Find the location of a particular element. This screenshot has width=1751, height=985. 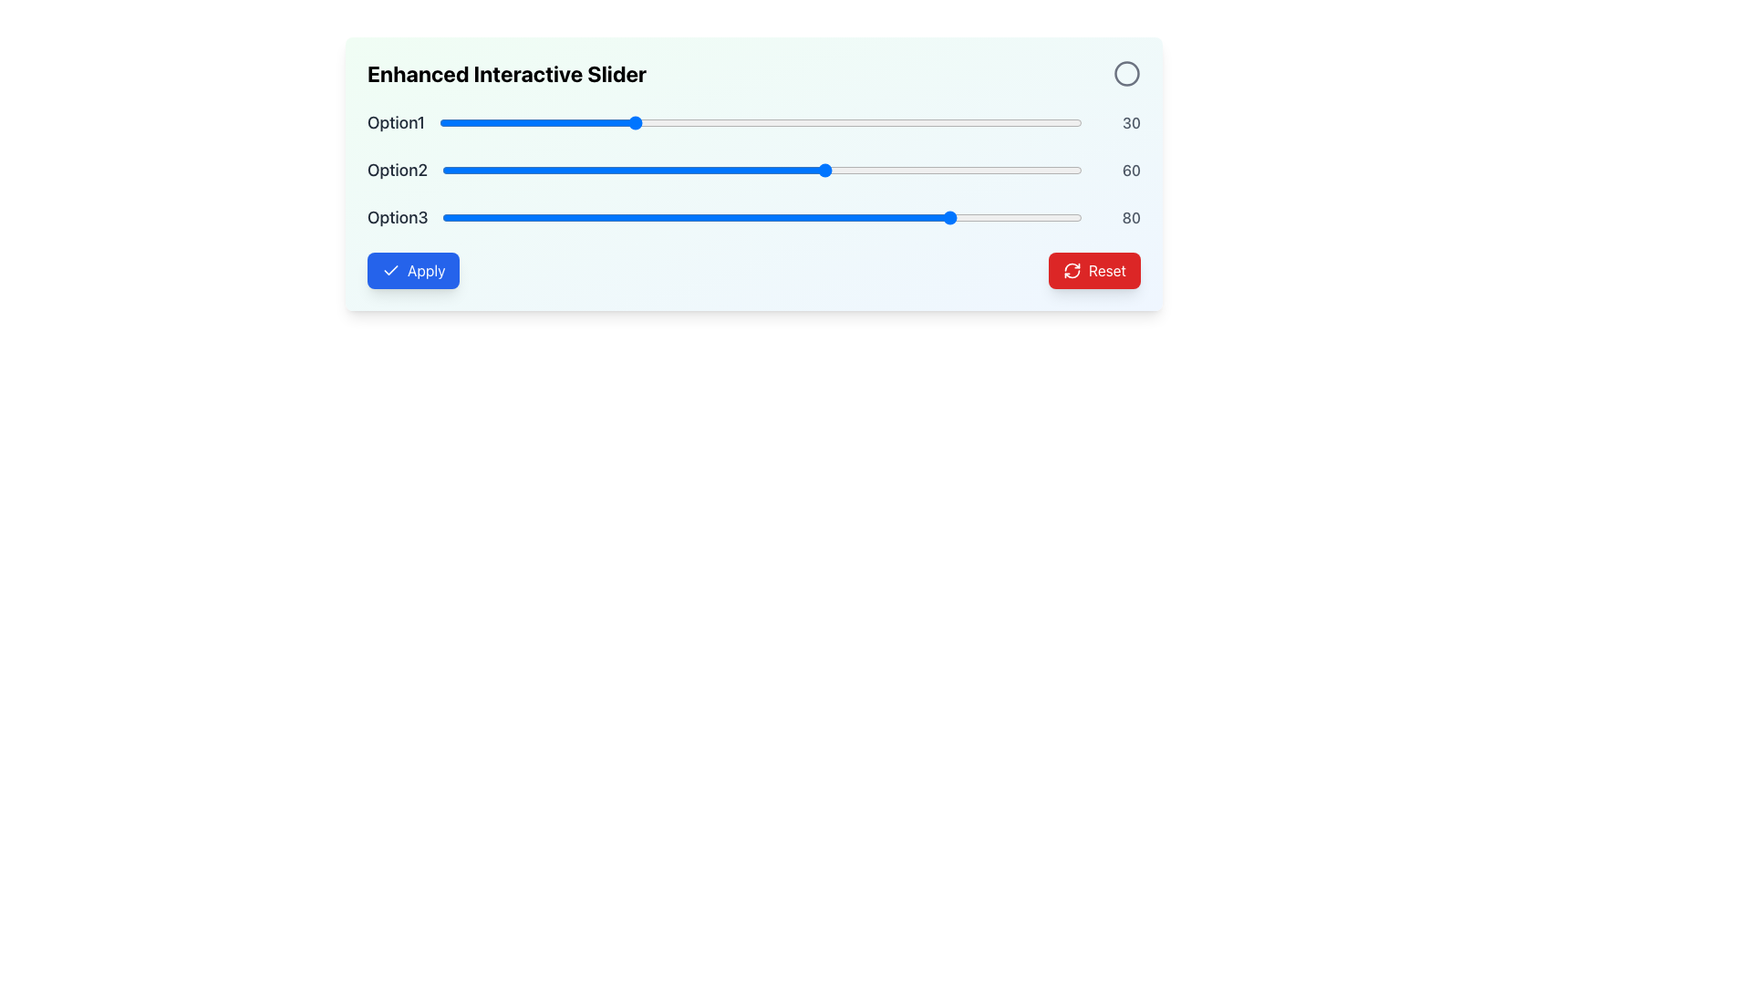

the slider for 'Option2' is located at coordinates (544, 170).